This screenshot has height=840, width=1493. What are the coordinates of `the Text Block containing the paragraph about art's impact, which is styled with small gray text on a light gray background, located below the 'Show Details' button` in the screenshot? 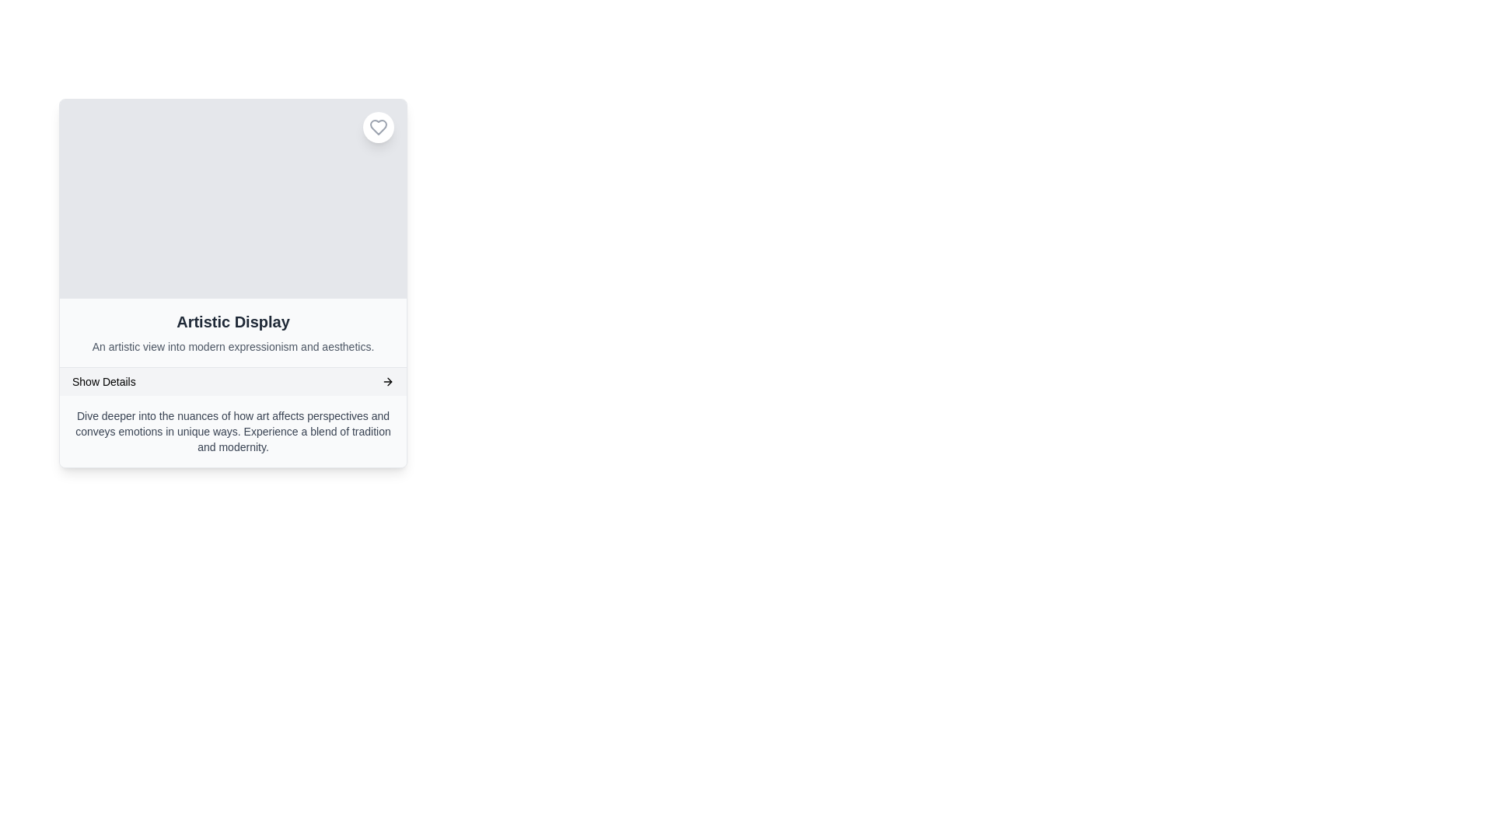 It's located at (232, 432).